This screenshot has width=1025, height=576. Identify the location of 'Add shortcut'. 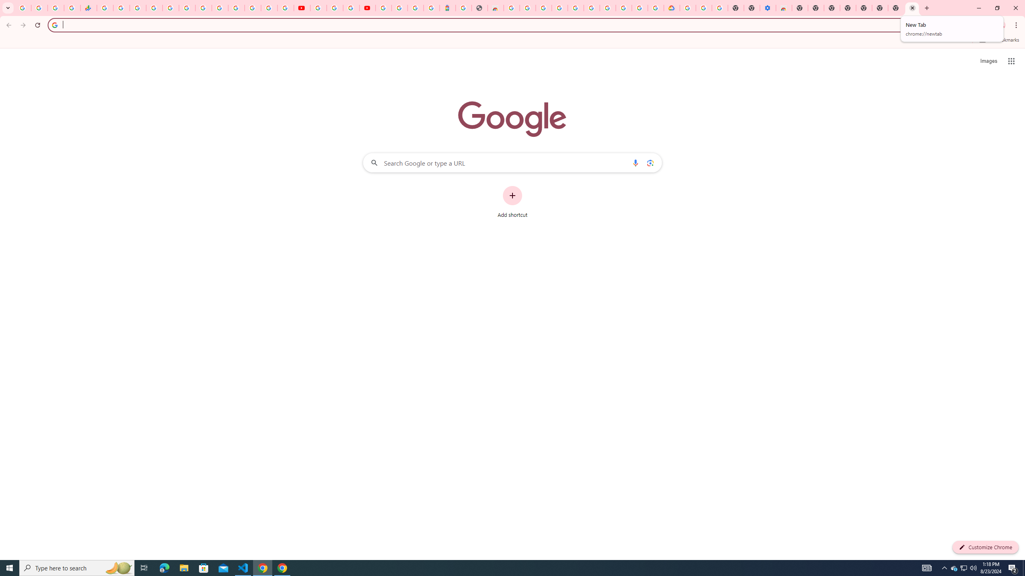
(512, 202).